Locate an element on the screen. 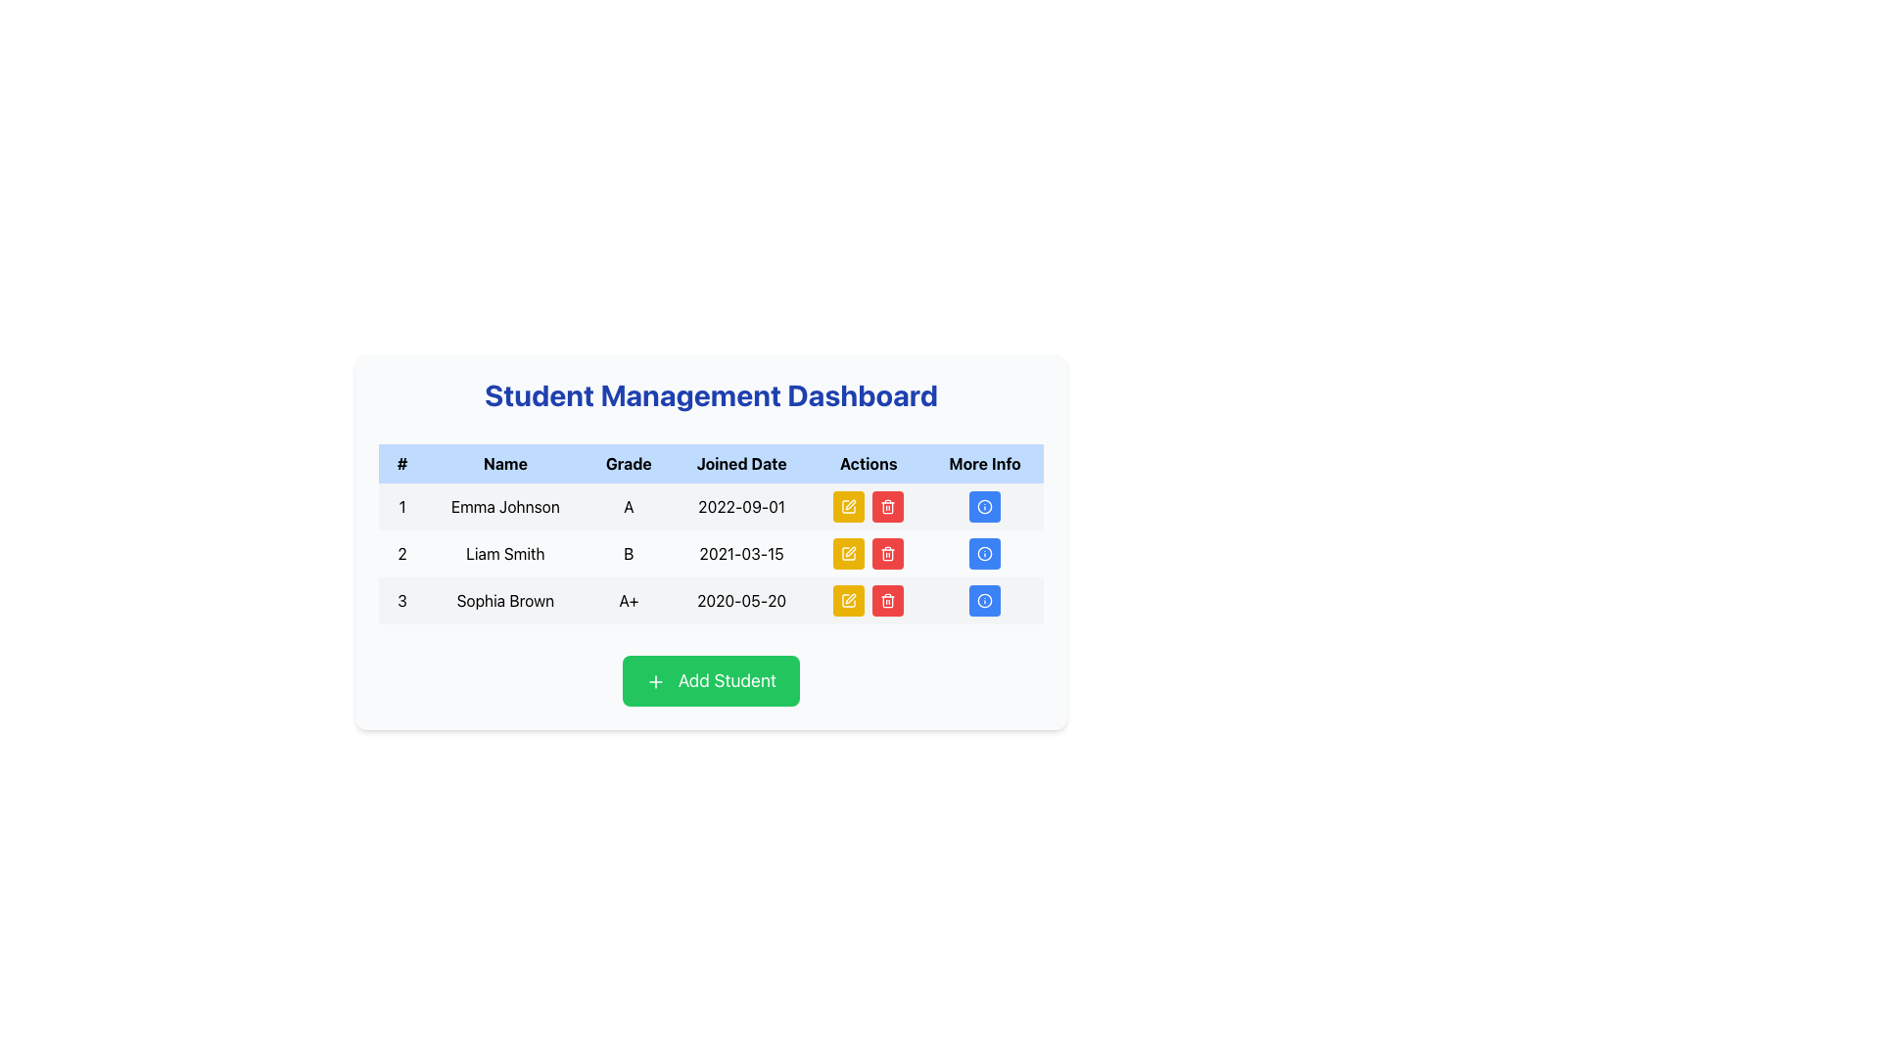  the delete button with a trashcan icon in the Actions column of the Student Management Dashboard to initiate the deletion process for the associated student entry is located at coordinates (887, 599).